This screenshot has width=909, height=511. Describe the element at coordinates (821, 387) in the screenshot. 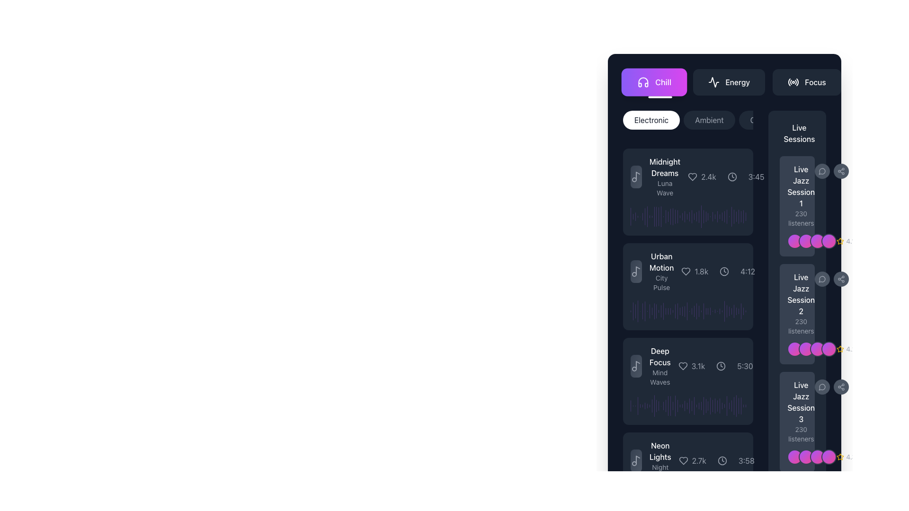

I see `the speech bubble icon that symbolizes interaction options related to the session, located in the rightmost column of the session listing interface on the same line as 'Live Jazz Session 3'` at that location.